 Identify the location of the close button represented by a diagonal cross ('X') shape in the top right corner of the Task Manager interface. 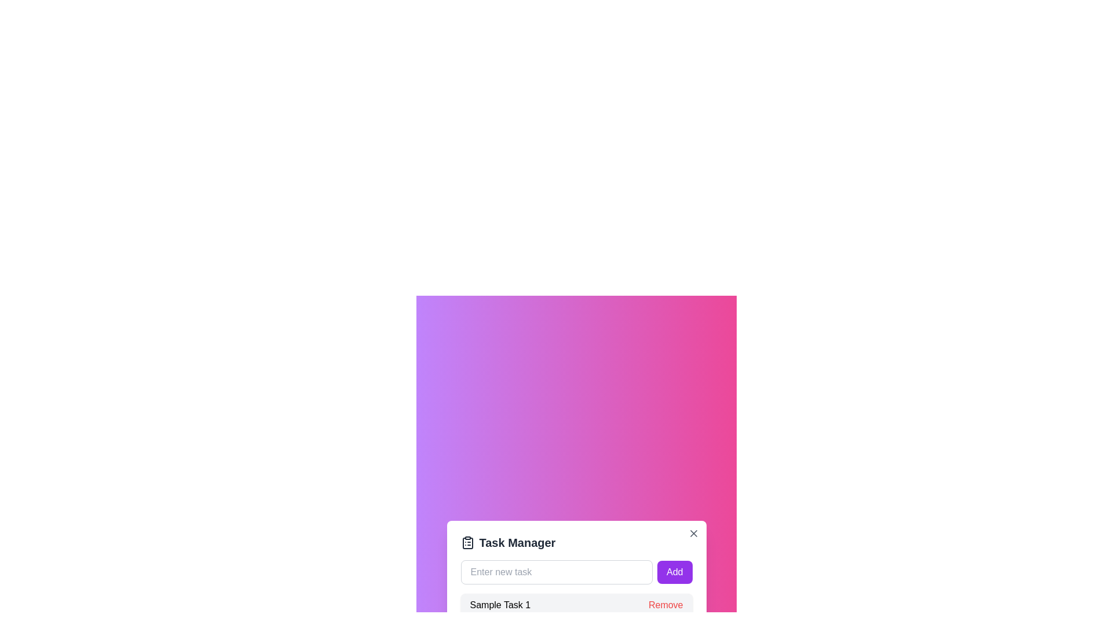
(693, 533).